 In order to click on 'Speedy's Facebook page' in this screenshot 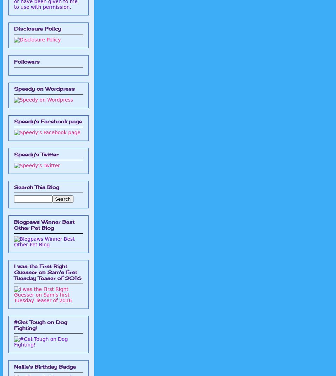, I will do `click(48, 121)`.